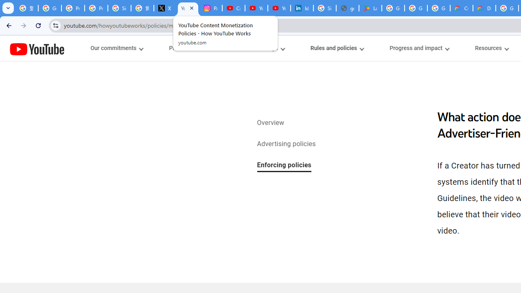 This screenshot has width=521, height=293. What do you see at coordinates (8, 8) in the screenshot?
I see `'Search tabs'` at bounding box center [8, 8].